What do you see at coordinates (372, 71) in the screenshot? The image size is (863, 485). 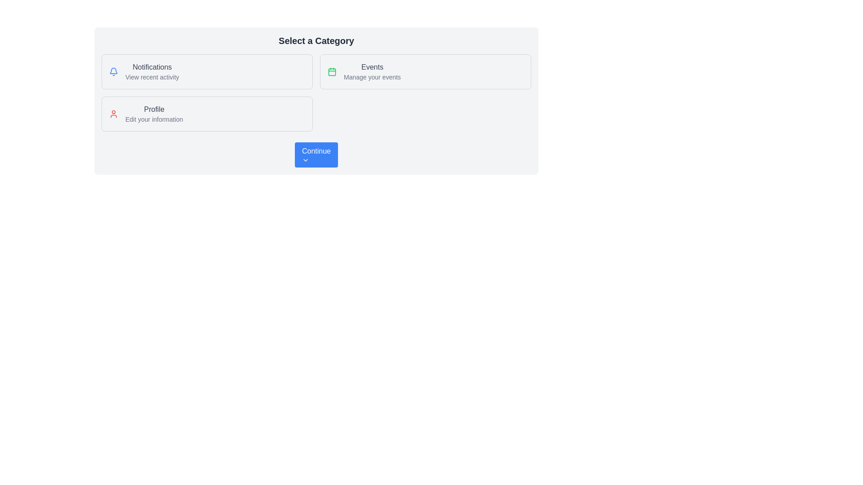 I see `the 'Events' text element, which consists of a prominent 'Events' label and a smaller 'Manage your events' subtext, located in the top-right of the category cards, next to a calendar icon` at bounding box center [372, 71].